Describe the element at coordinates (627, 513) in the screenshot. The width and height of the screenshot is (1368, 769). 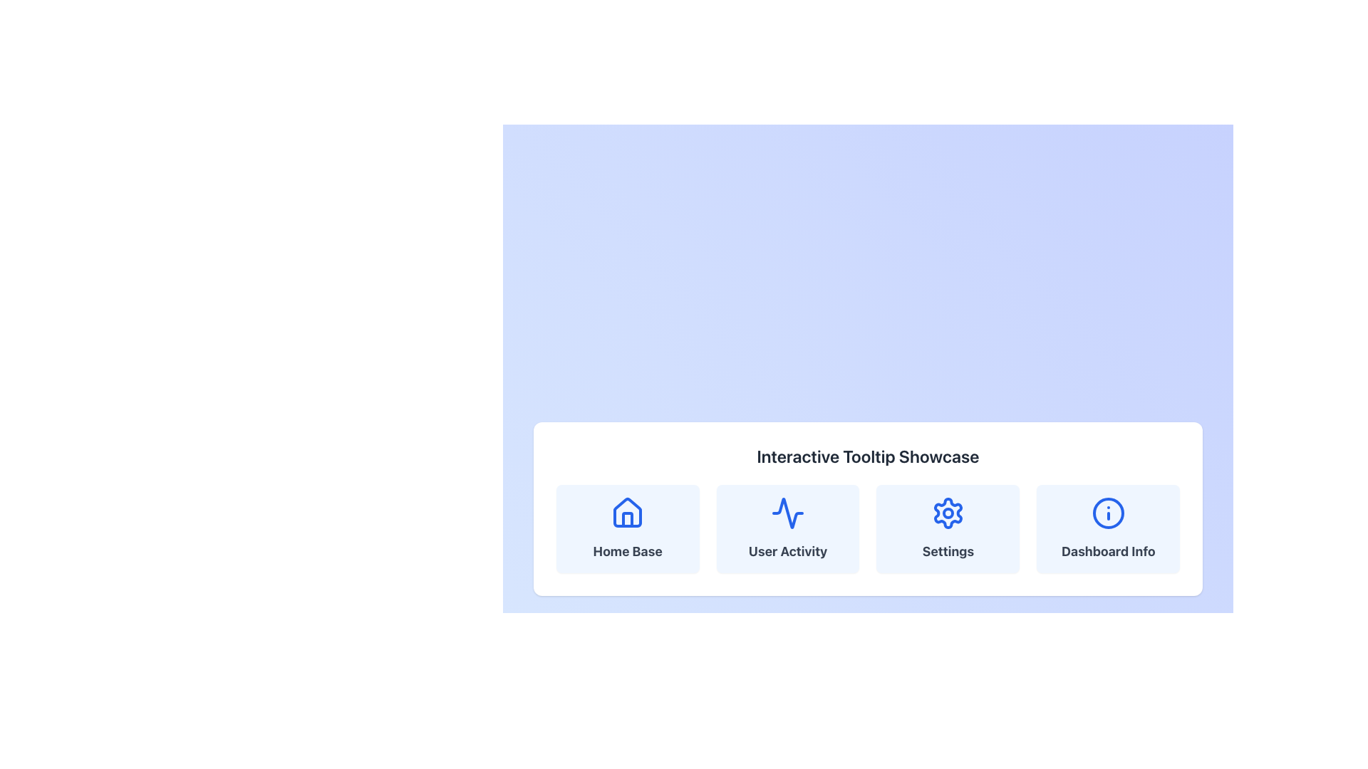
I see `the 'Home Base' icon located at the top-center of the first option in the horizontal menu` at that location.